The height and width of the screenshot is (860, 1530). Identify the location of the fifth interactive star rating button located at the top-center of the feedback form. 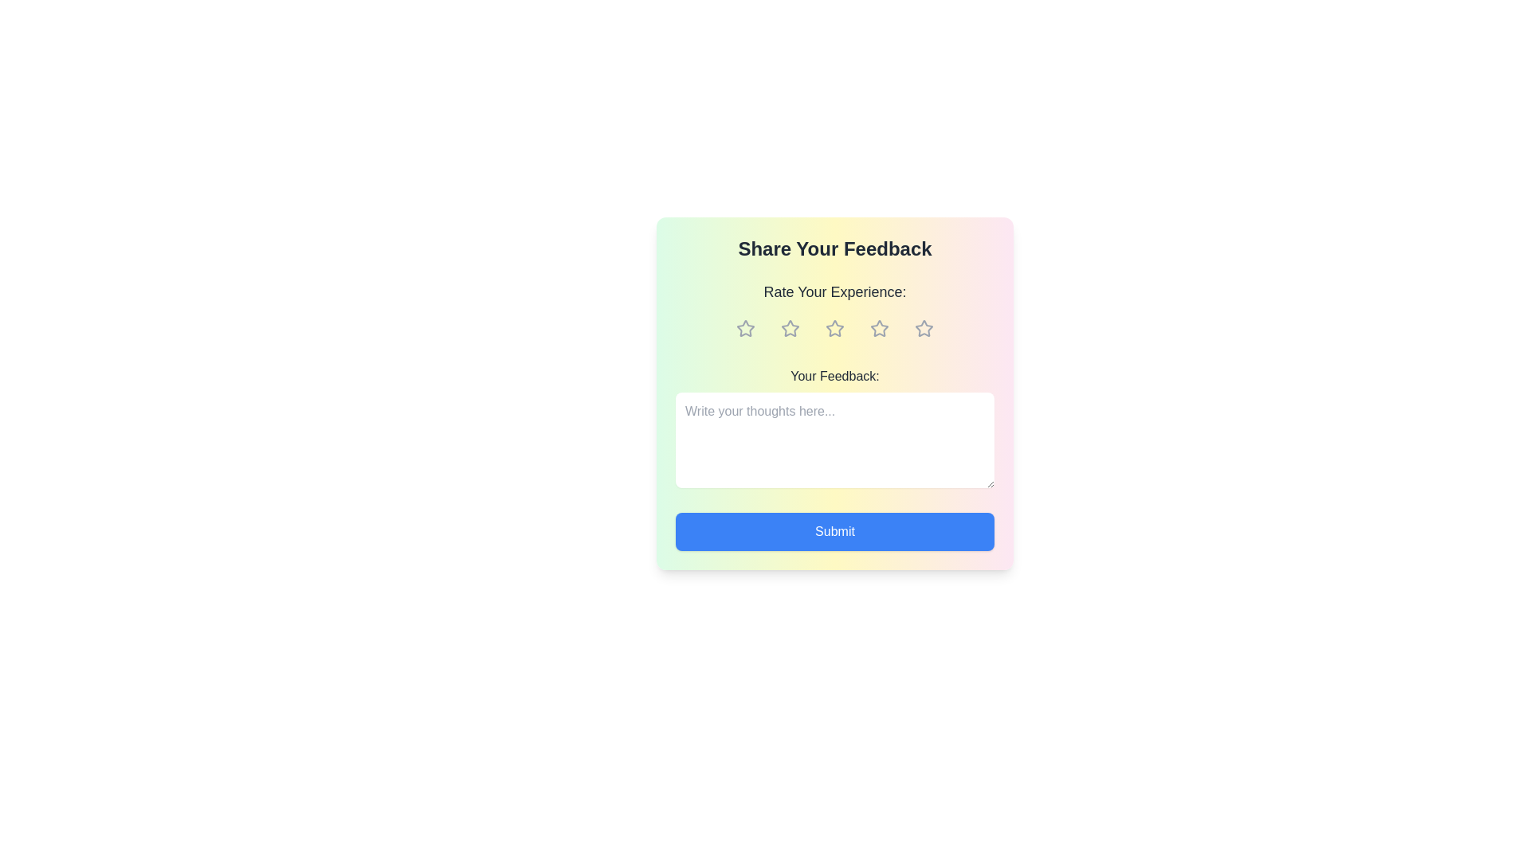
(924, 327).